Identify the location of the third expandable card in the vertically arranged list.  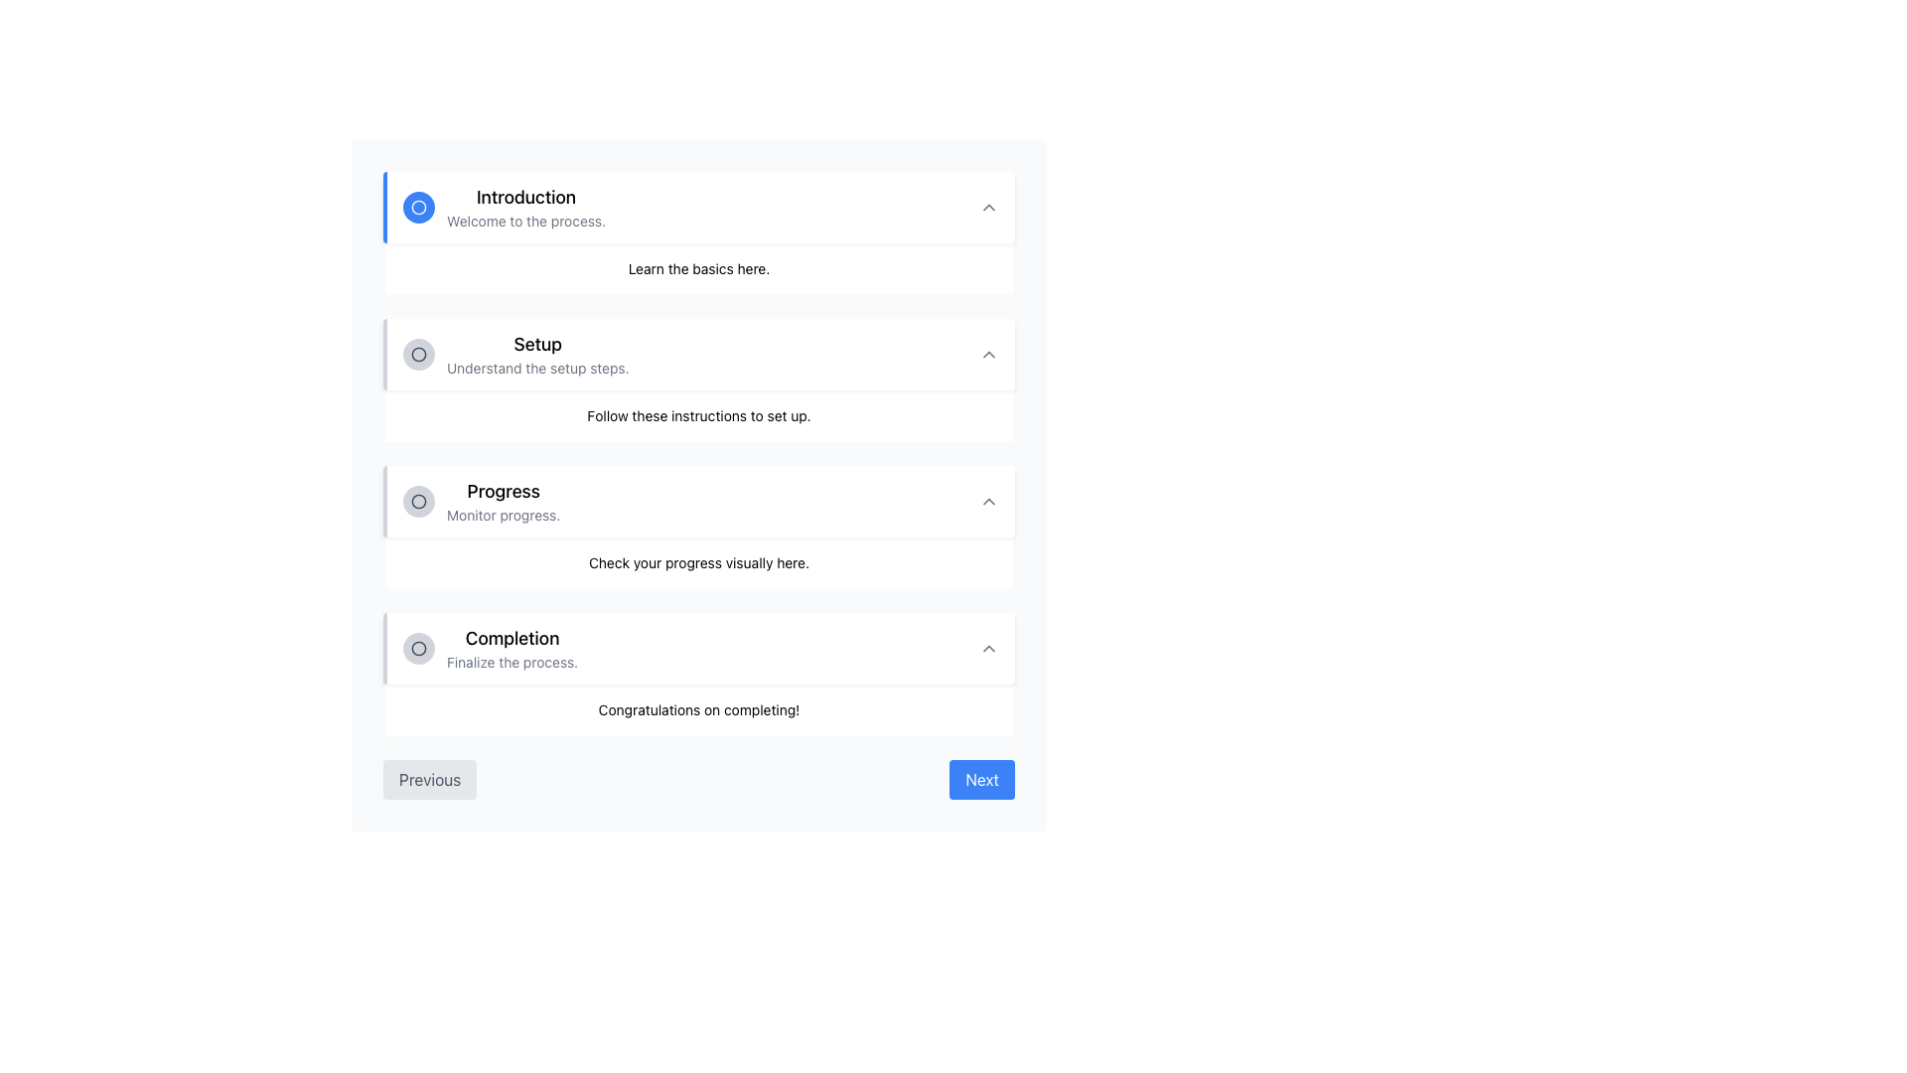
(699, 501).